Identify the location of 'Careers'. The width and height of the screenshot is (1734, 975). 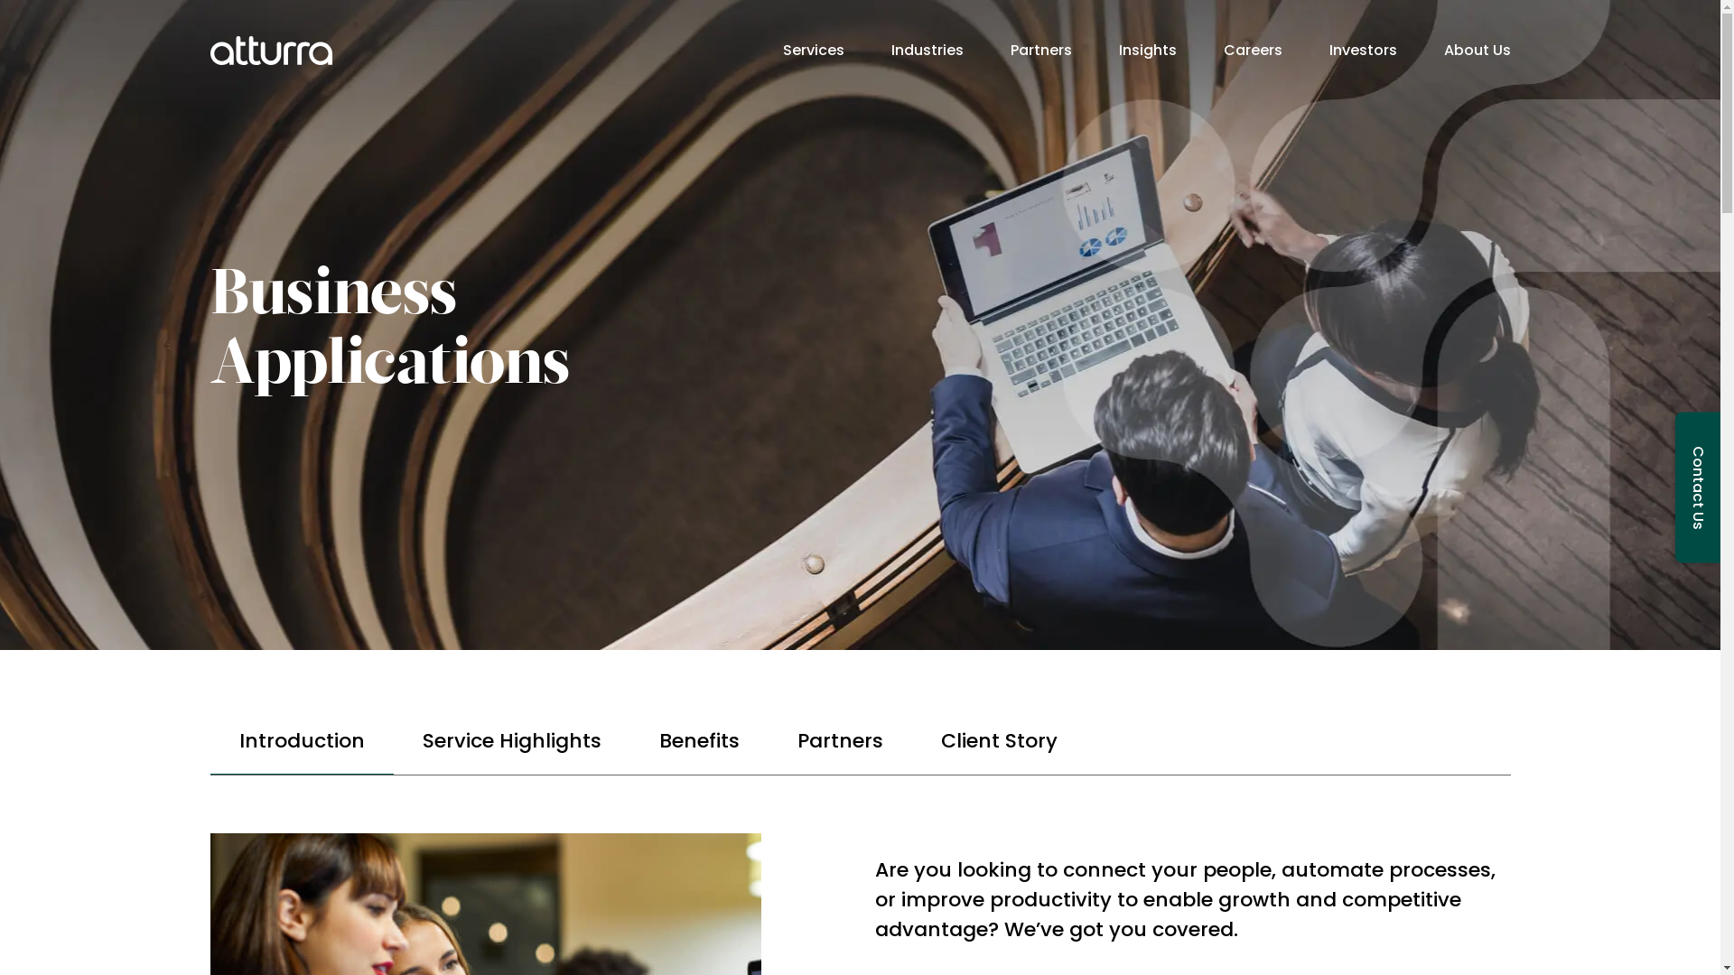
(1222, 50).